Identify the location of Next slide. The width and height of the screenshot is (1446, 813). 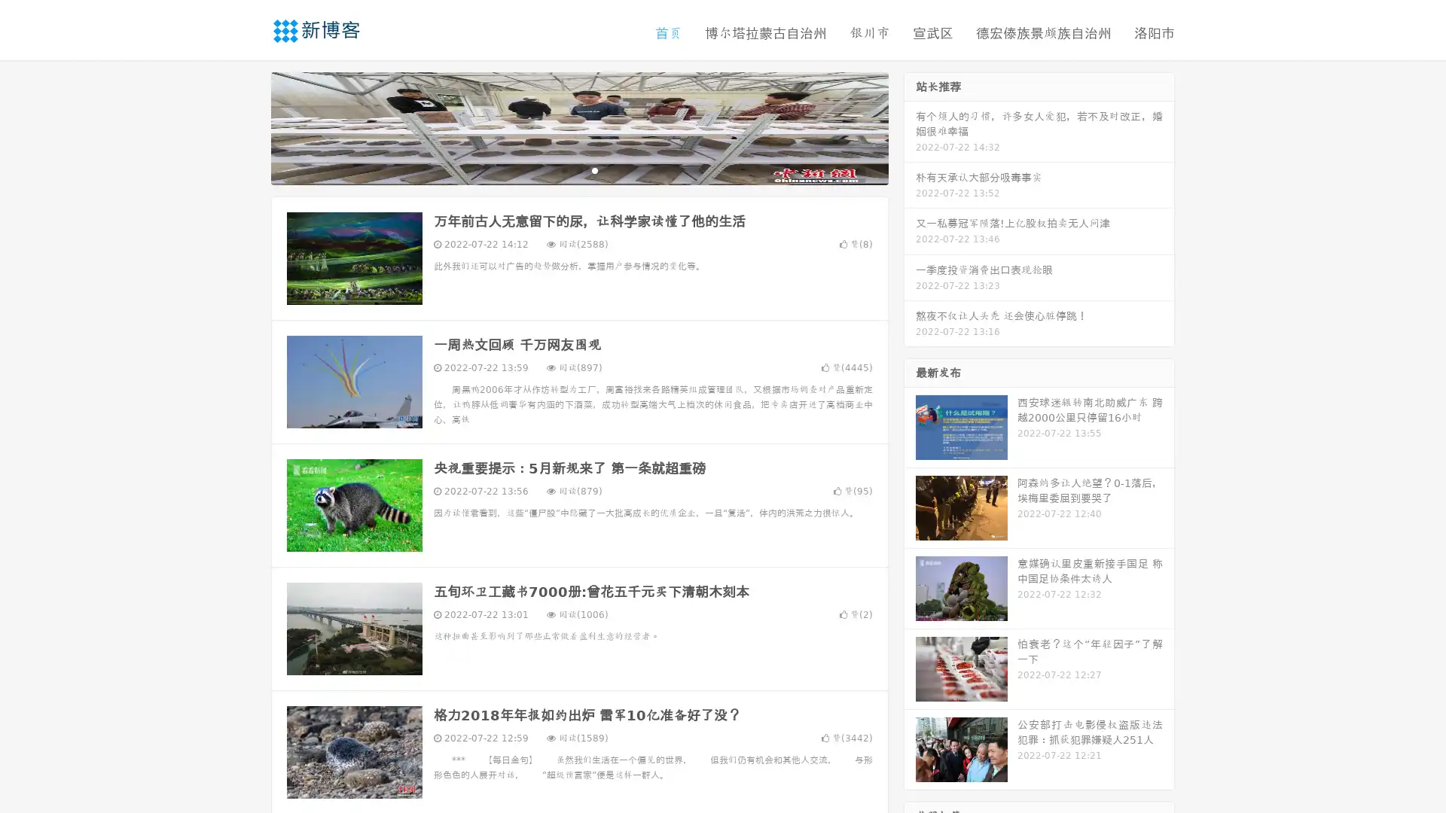
(910, 126).